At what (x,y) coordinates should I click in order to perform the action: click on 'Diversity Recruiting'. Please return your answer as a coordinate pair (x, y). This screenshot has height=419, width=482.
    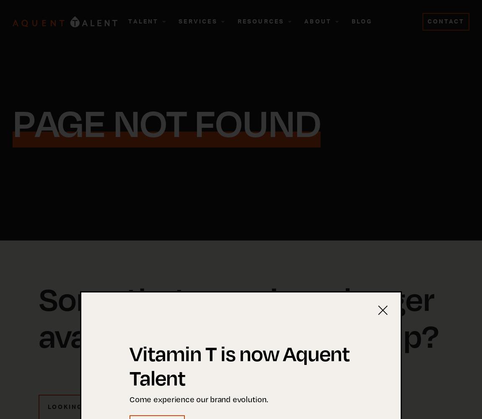
    Looking at the image, I should click on (211, 102).